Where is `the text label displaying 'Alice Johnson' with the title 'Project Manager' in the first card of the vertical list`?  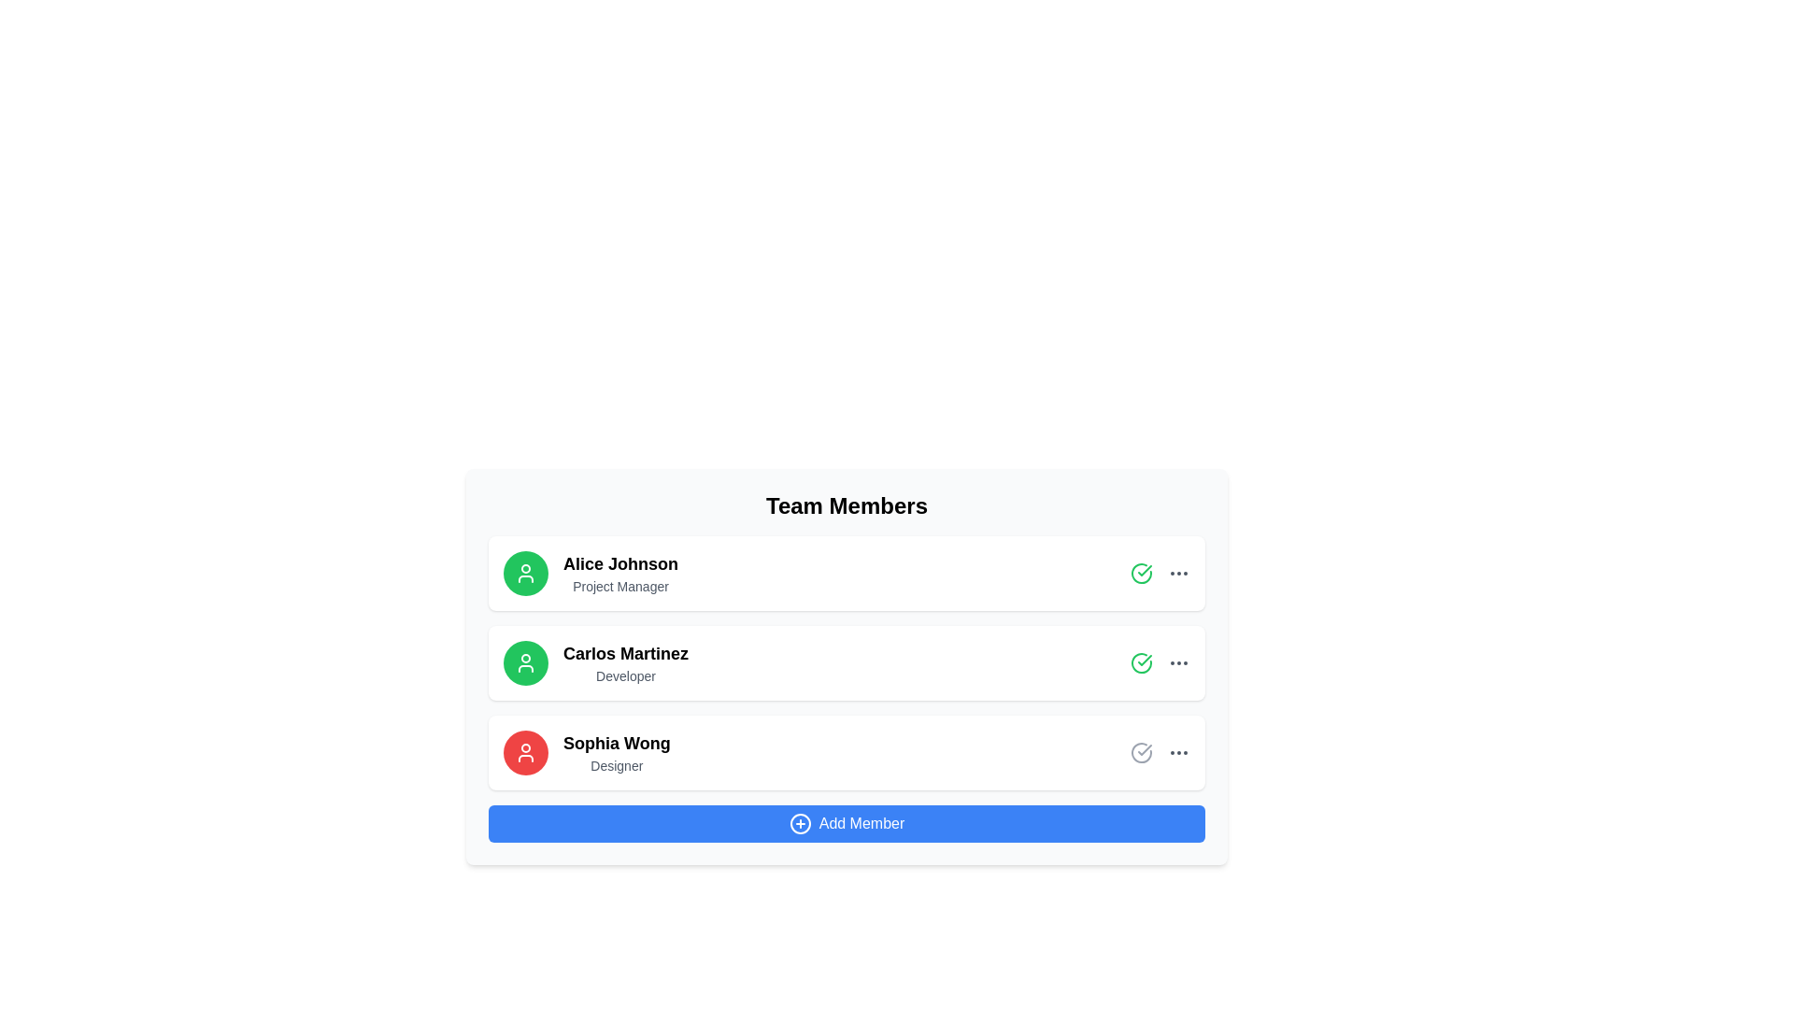 the text label displaying 'Alice Johnson' with the title 'Project Manager' in the first card of the vertical list is located at coordinates (620, 572).